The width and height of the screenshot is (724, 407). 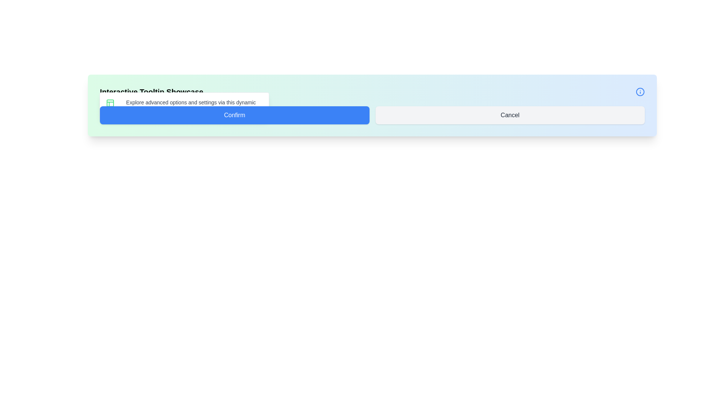 What do you see at coordinates (191, 106) in the screenshot?
I see `the Text Label that says 'Explore advanced options and settings via this dynamic feature.' located to the right of a control panel icon and above the blue 'Confirm' button` at bounding box center [191, 106].